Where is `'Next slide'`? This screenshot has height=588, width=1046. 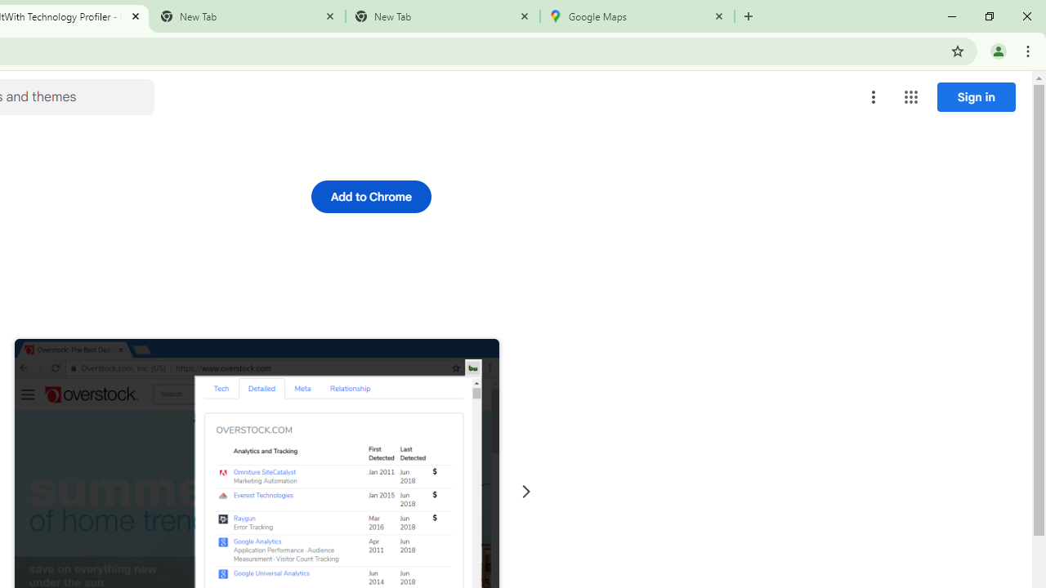
'Next slide' is located at coordinates (525, 491).